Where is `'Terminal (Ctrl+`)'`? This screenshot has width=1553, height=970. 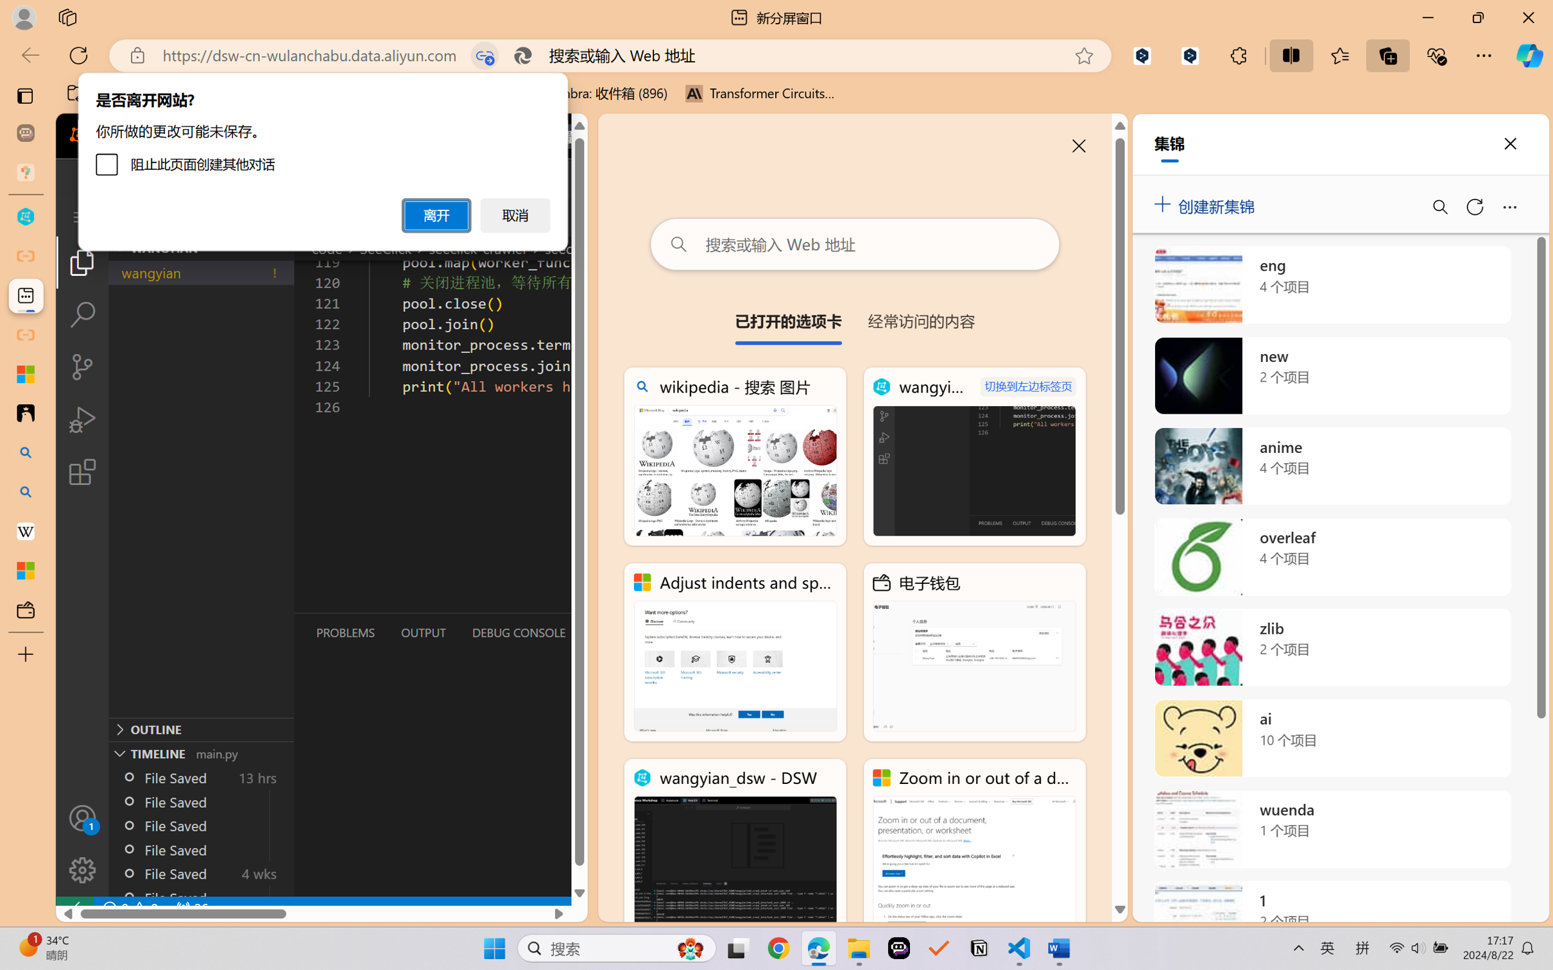
'Terminal (Ctrl+`)' is located at coordinates (619, 633).